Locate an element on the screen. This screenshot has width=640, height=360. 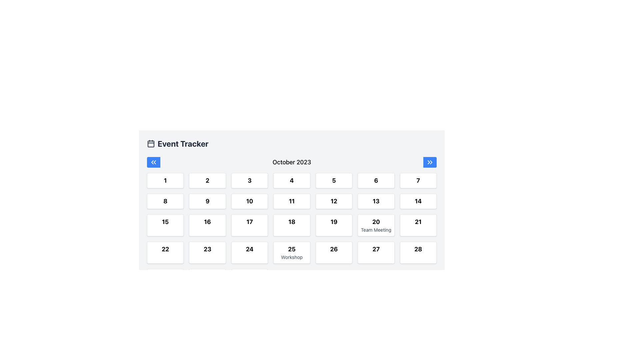
the button displaying the number '10' with rounded corners and a shadow effect, located in the second row of a 7-column grid layout is located at coordinates (249, 201).